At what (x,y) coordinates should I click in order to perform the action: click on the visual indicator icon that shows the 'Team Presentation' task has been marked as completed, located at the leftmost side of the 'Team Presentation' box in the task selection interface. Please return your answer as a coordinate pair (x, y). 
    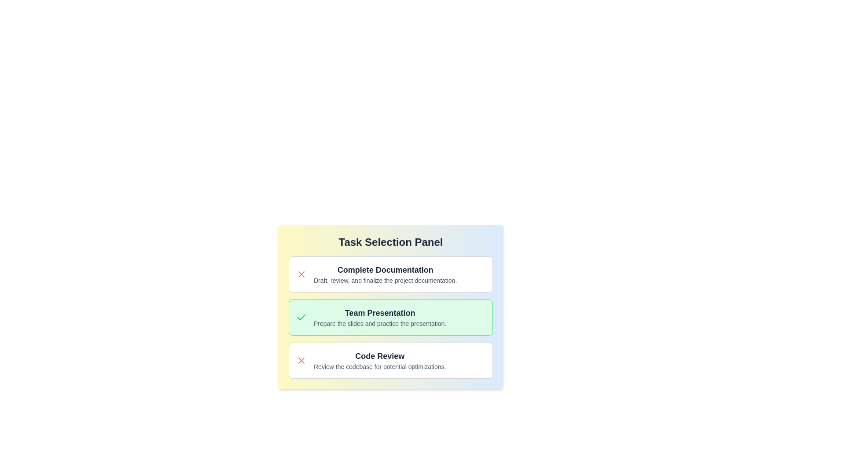
    Looking at the image, I should click on (301, 317).